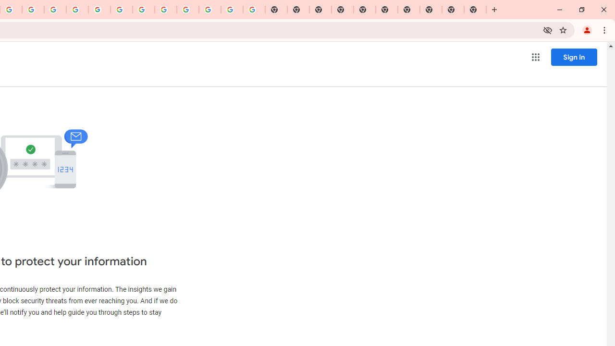 Image resolution: width=615 pixels, height=346 pixels. What do you see at coordinates (121, 10) in the screenshot?
I see `'YouTube'` at bounding box center [121, 10].